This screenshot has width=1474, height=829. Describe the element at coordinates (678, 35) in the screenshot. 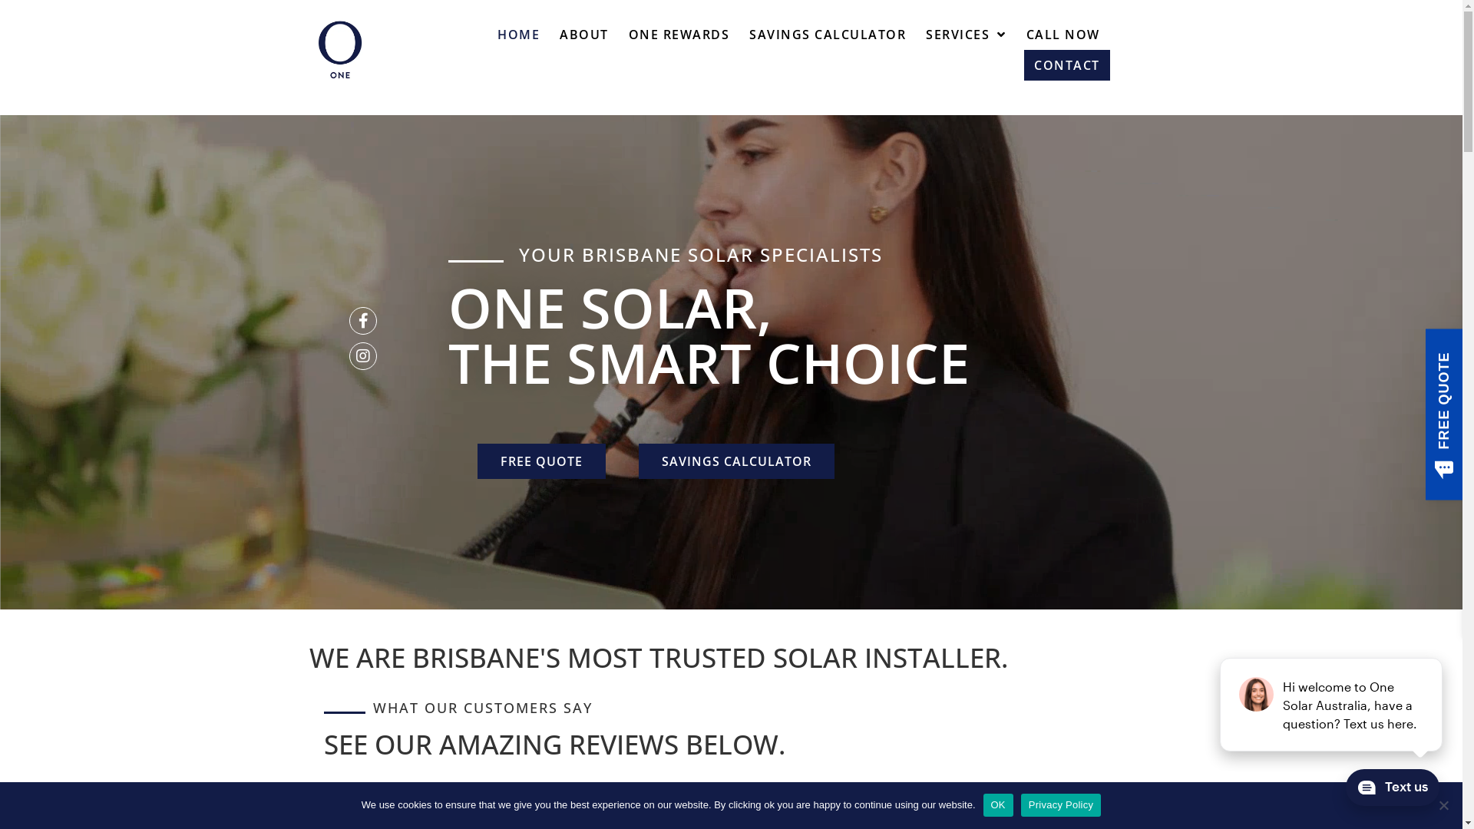

I see `'ONE REWARDS'` at that location.